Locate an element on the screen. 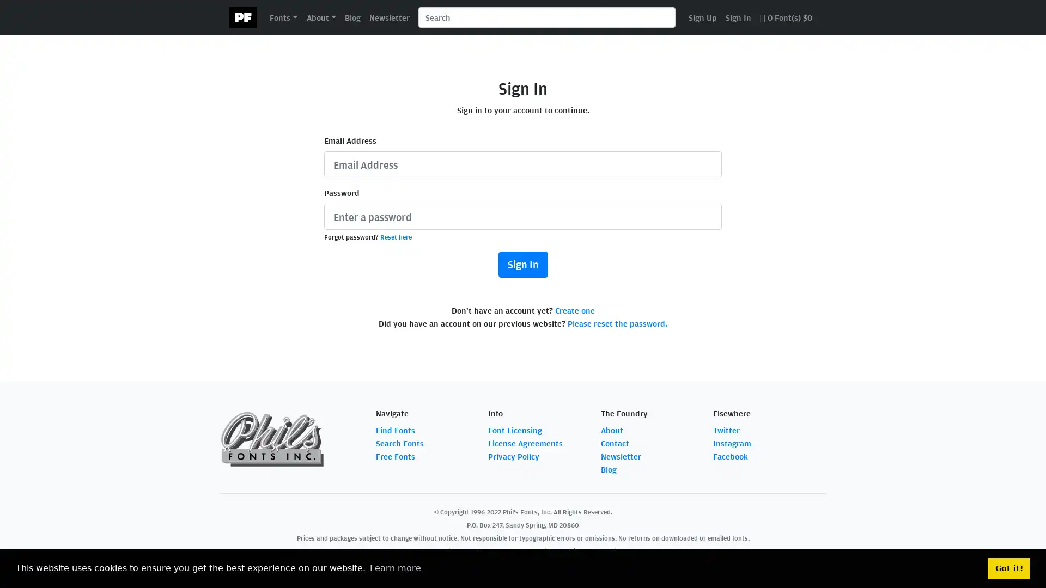 The width and height of the screenshot is (1046, 588). learn more about cookies is located at coordinates (394, 568).